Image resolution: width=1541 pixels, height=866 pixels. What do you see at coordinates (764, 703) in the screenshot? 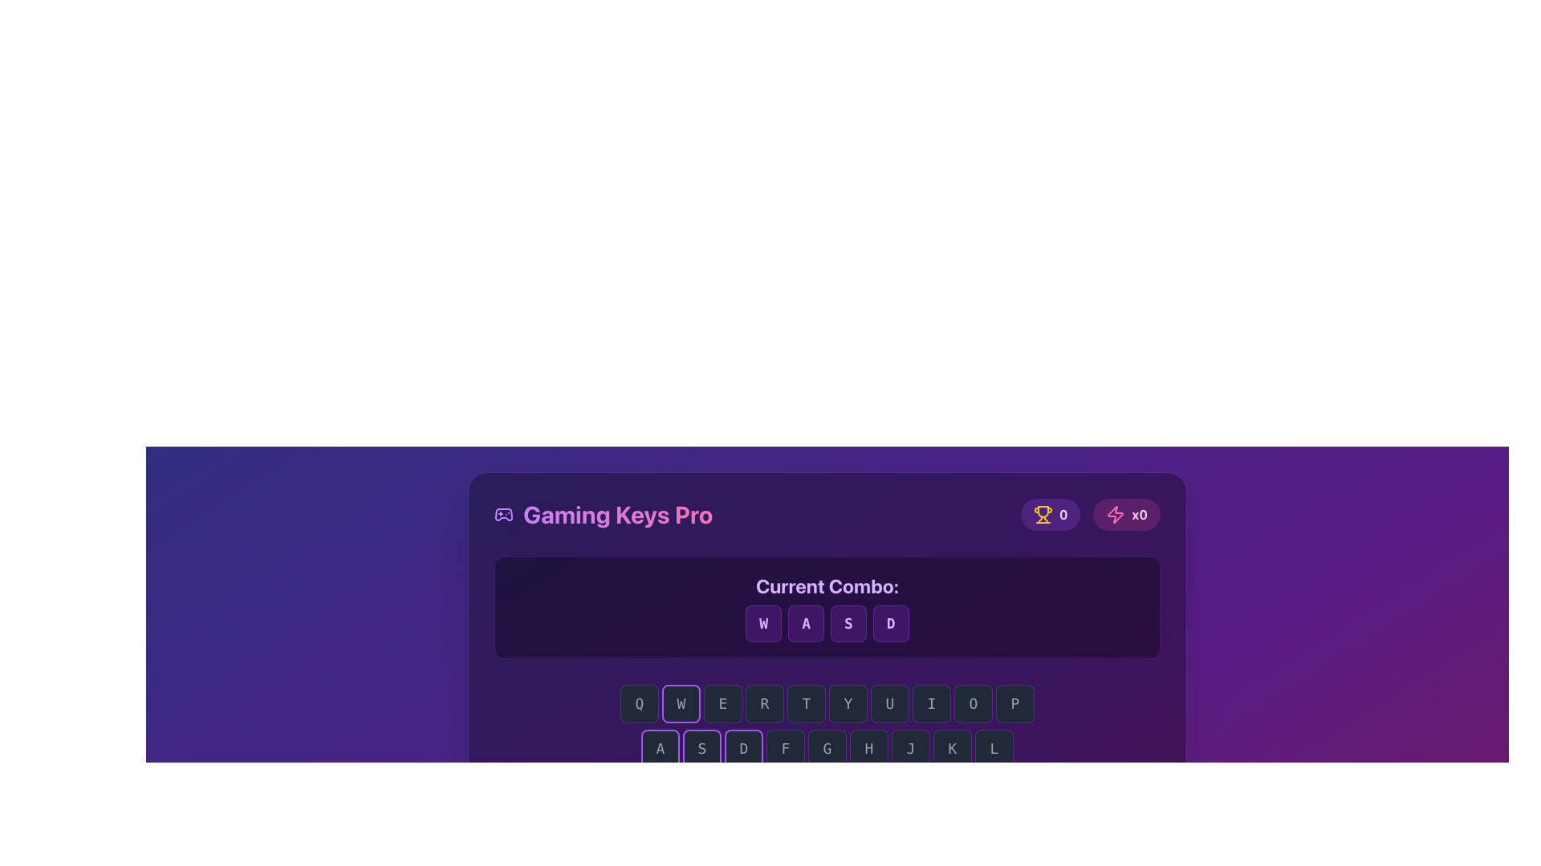
I see `the fourth button in a row of lettered buttons, located between 'E' and 'T', to trigger the hover effect` at bounding box center [764, 703].